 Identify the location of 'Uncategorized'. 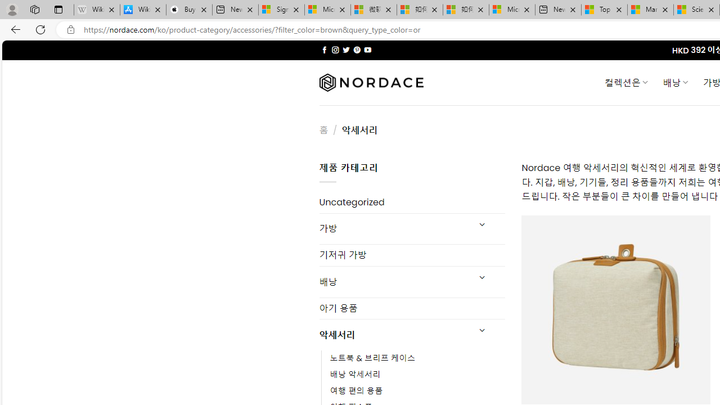
(411, 202).